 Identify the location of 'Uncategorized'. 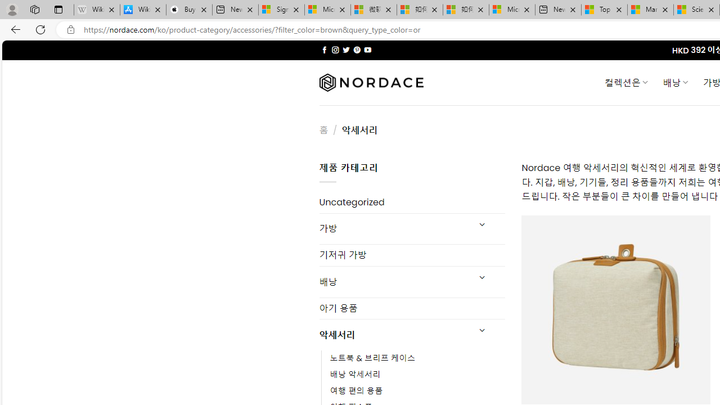
(411, 202).